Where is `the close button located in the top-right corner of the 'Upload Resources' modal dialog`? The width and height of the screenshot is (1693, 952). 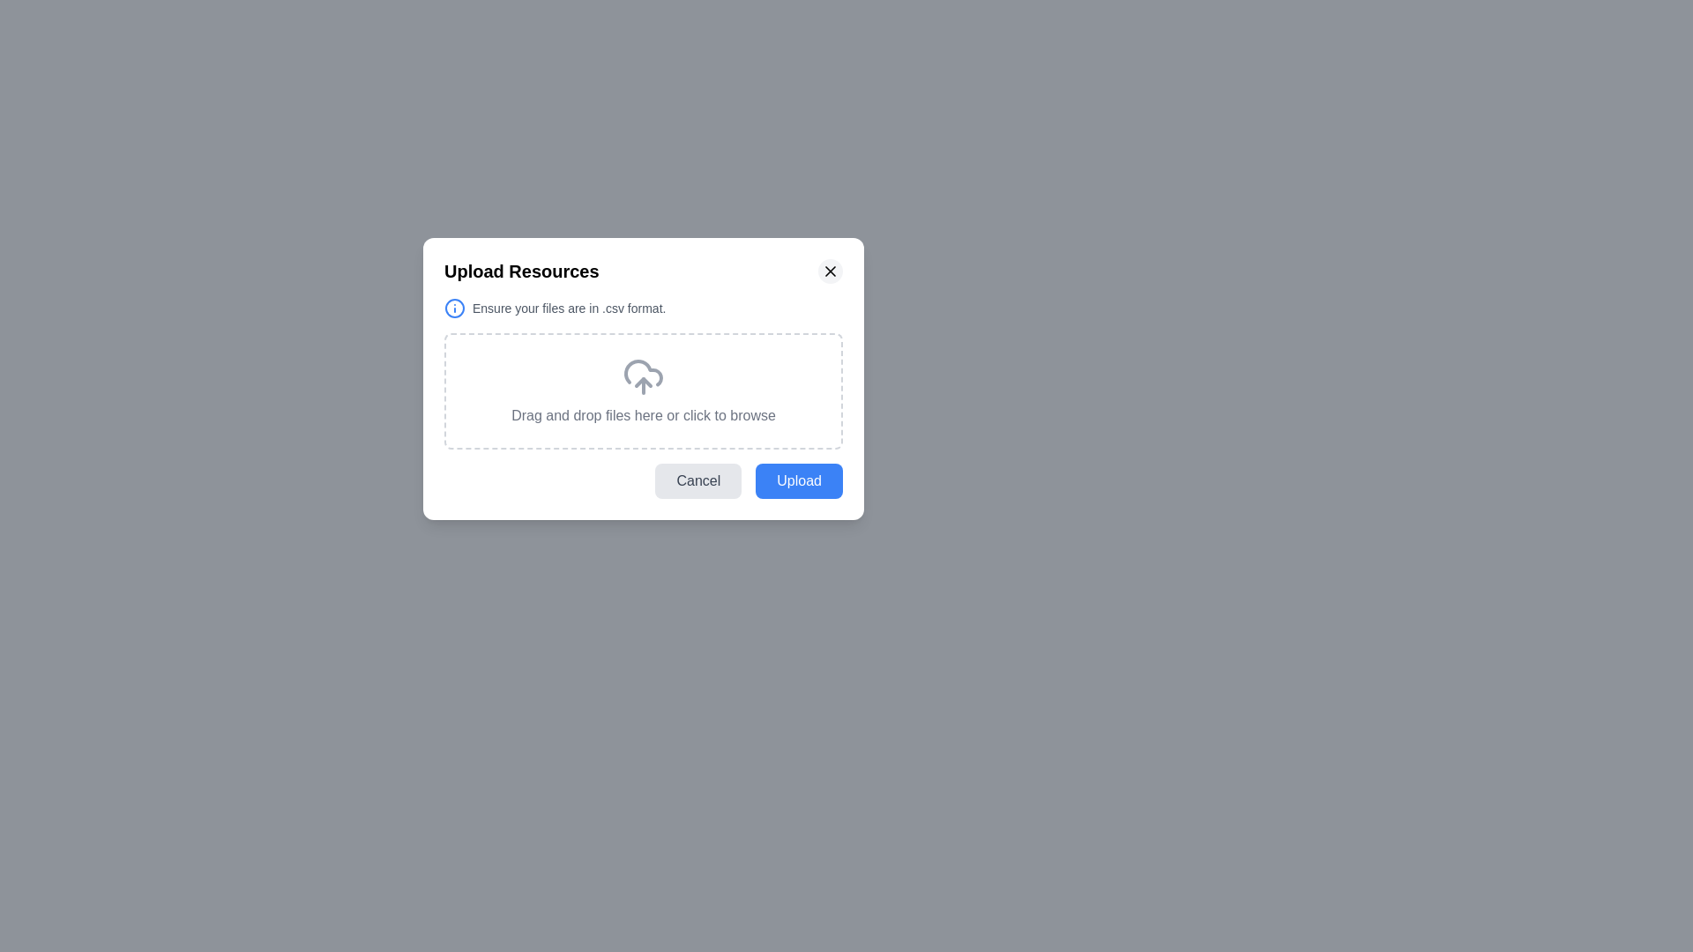
the close button located in the top-right corner of the 'Upload Resources' modal dialog is located at coordinates (829, 271).